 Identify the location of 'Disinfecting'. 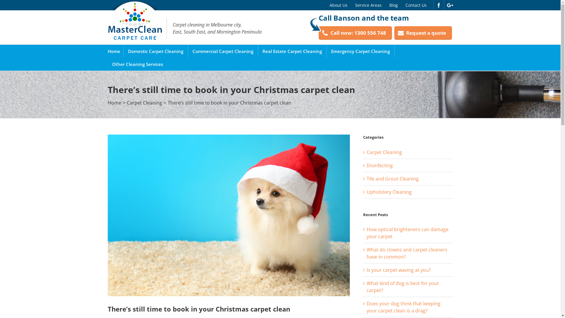
(366, 165).